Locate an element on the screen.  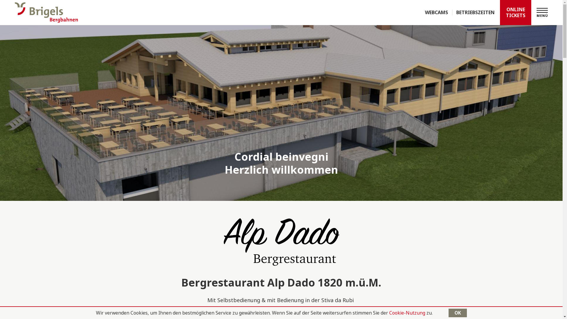
'OK' is located at coordinates (457, 313).